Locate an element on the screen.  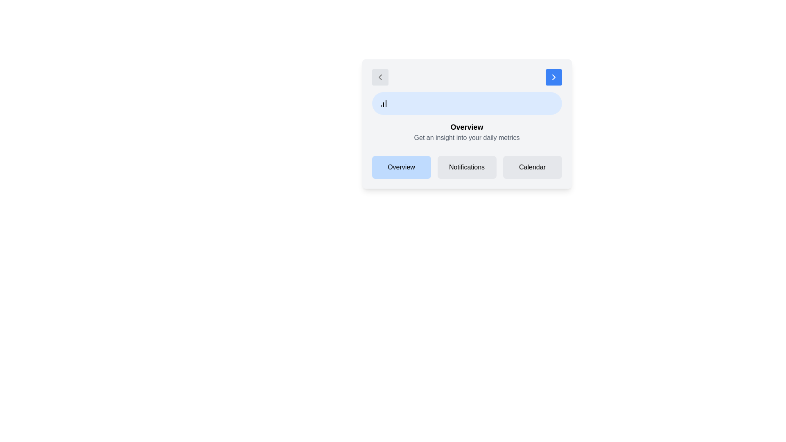
the label of the step Overview to select it is located at coordinates (401, 167).